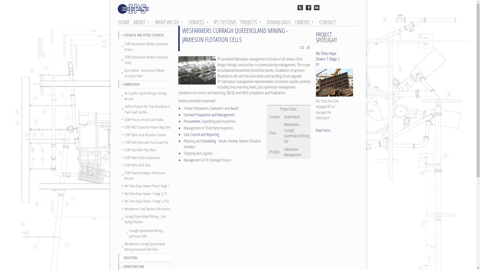 The width and height of the screenshot is (480, 270). I want to click on 'CSBP Ammonium Nitrate Expansion Project', so click(146, 46).